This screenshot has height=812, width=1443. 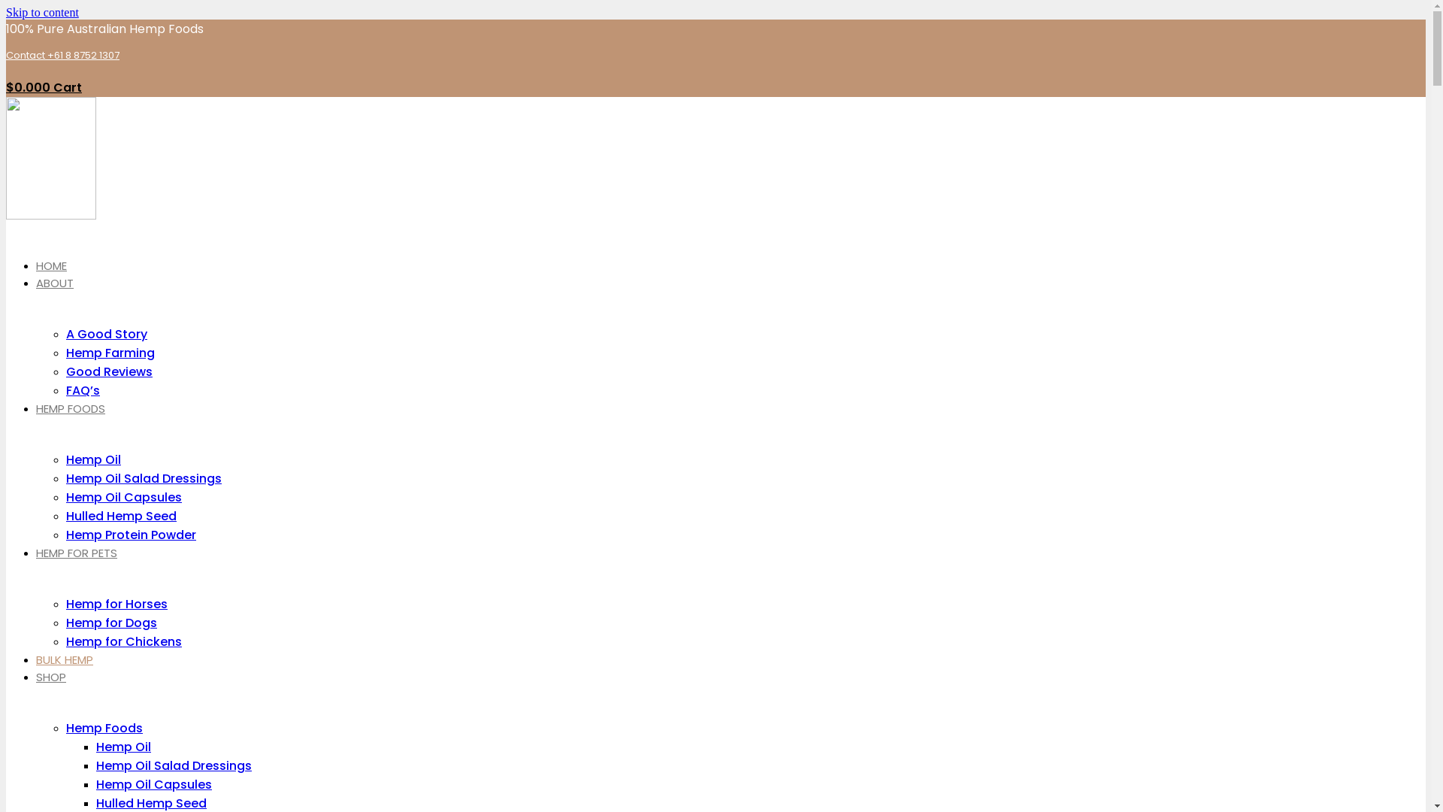 I want to click on '$0.00, so click(x=6, y=87).